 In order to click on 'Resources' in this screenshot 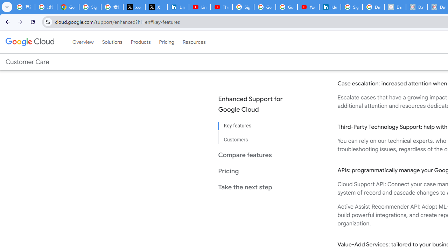, I will do `click(194, 42)`.